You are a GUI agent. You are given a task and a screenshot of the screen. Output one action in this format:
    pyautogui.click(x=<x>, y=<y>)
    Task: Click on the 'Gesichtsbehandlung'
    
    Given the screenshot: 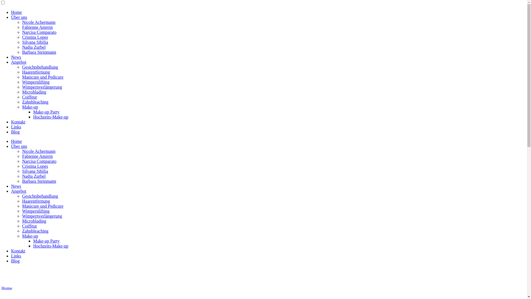 What is the action you would take?
    pyautogui.click(x=22, y=196)
    